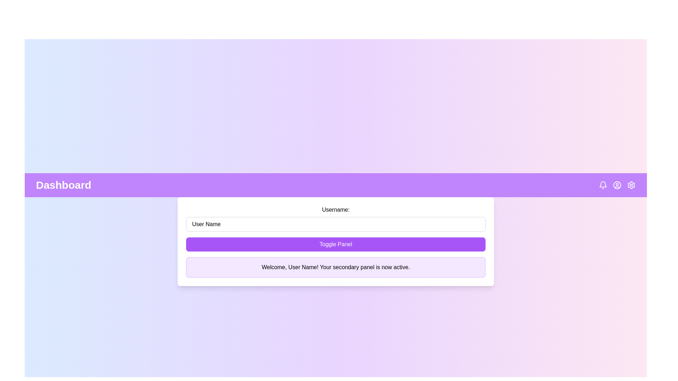 The image size is (678, 381). Describe the element at coordinates (617, 185) in the screenshot. I see `the user profile icon located on the right end of the top purple navigation bar` at that location.